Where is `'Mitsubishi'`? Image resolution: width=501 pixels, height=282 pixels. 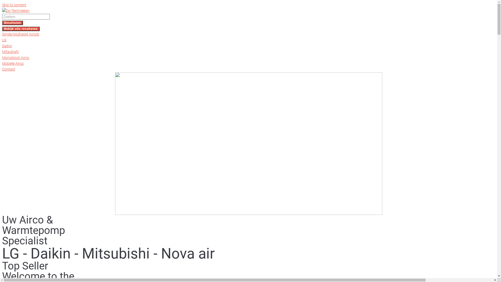
'Mitsubishi' is located at coordinates (10, 51).